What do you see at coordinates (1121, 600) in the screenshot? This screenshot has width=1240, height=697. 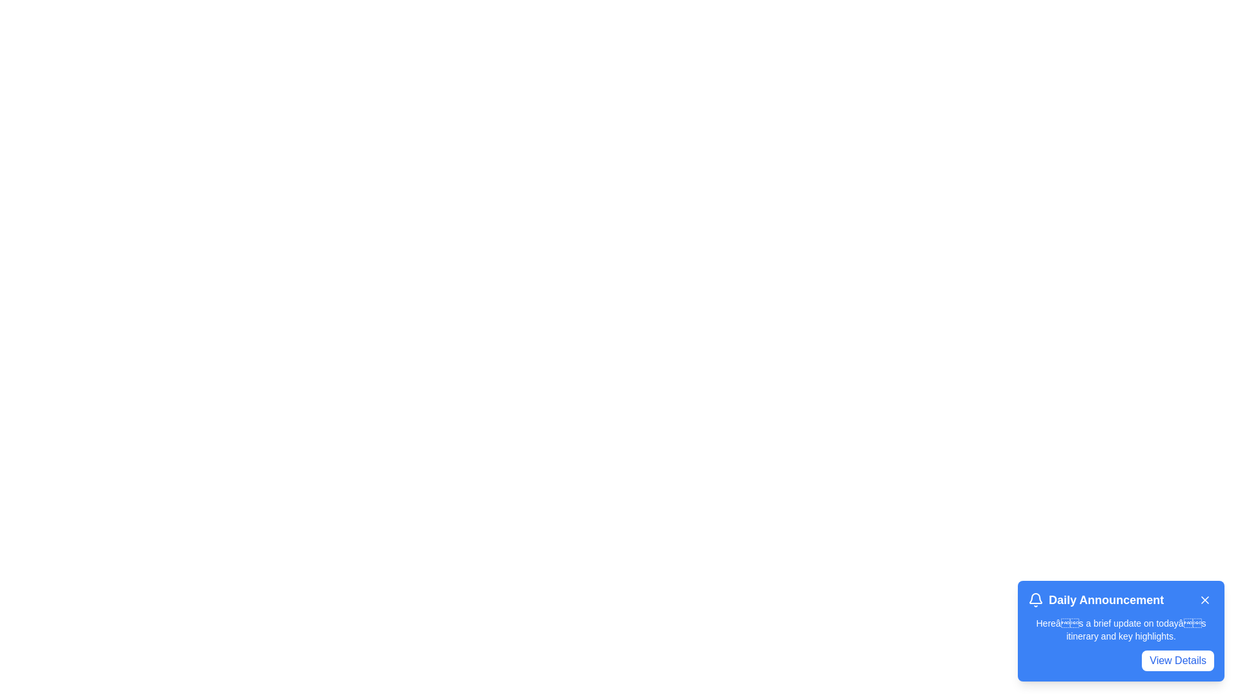 I see `the 'Daily Announcement' title to select it` at bounding box center [1121, 600].